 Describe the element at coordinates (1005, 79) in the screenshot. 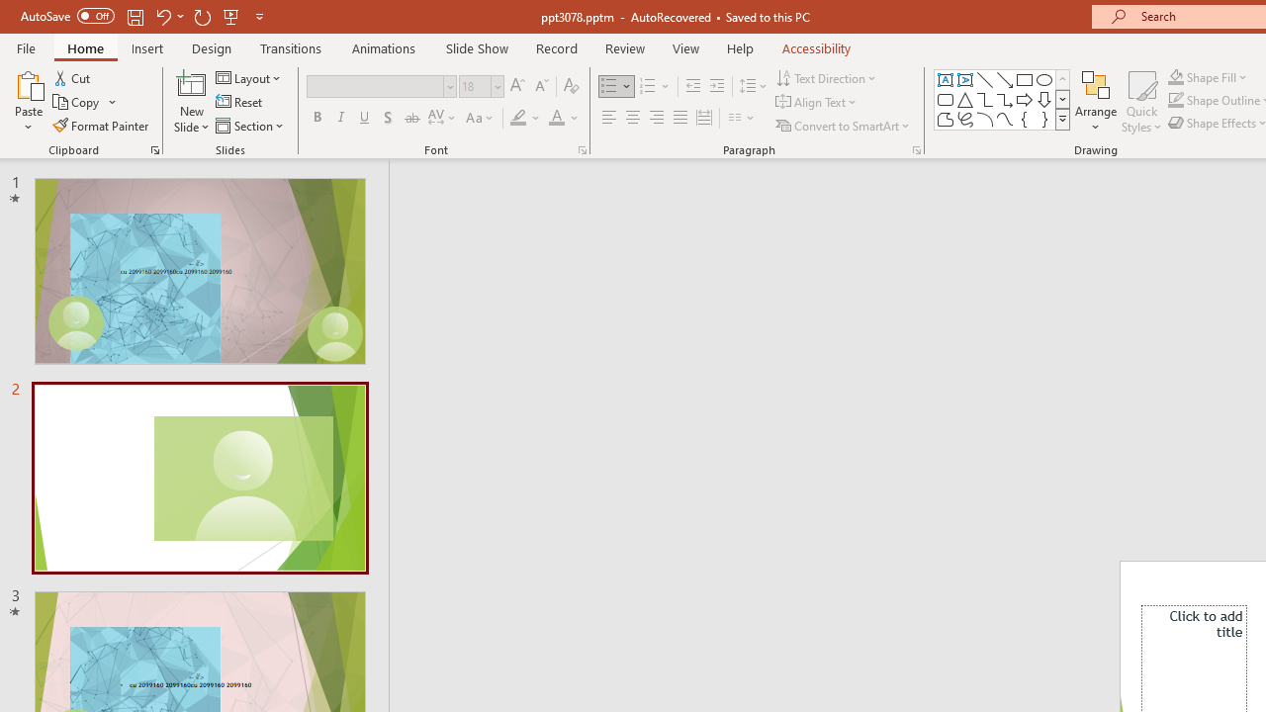

I see `'Line Arrow'` at that location.